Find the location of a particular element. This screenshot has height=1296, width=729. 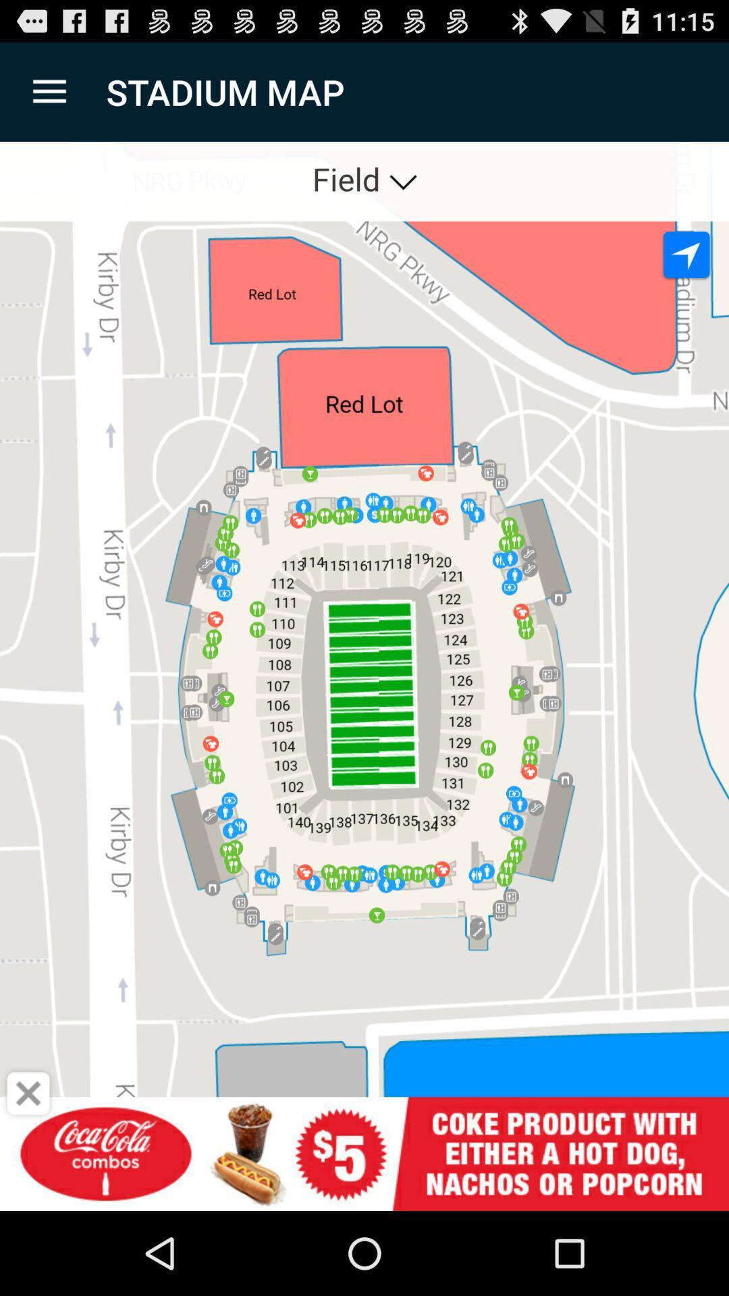

advertisement for coca cola is located at coordinates (364, 1153).